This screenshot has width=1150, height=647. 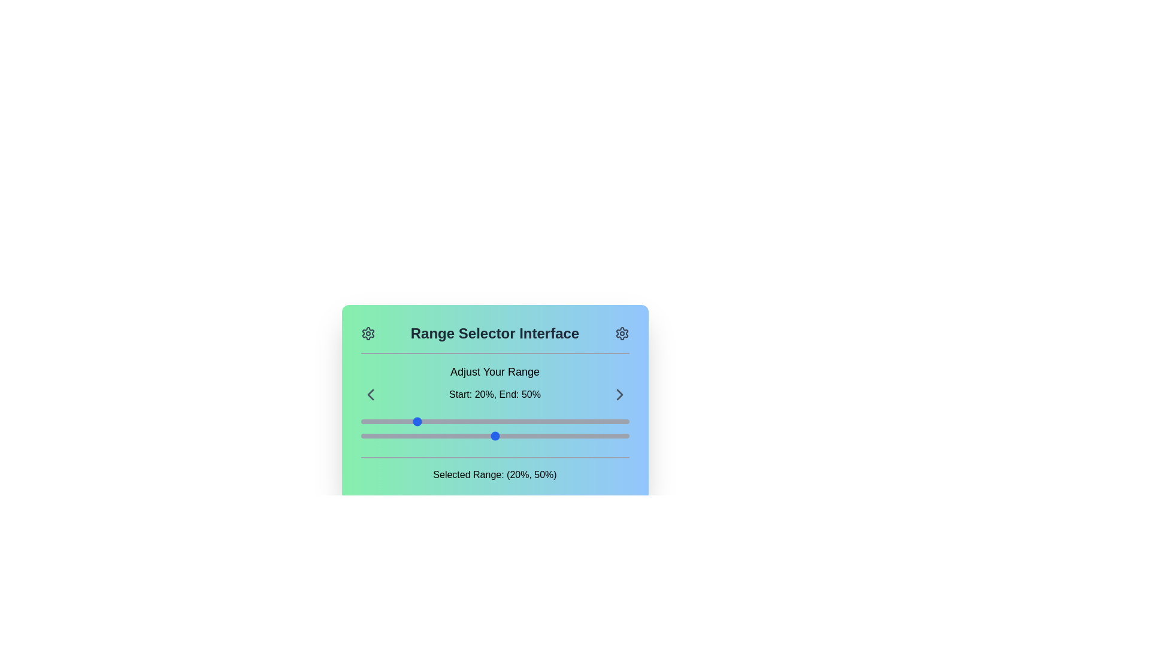 I want to click on the slider value, so click(x=553, y=436).